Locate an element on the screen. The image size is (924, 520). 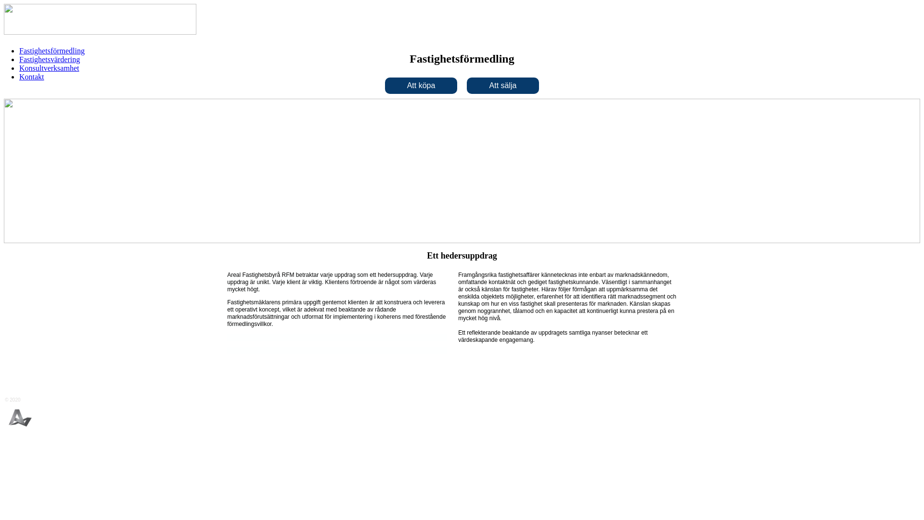
'Konsultverksamhet' is located at coordinates (48, 67).